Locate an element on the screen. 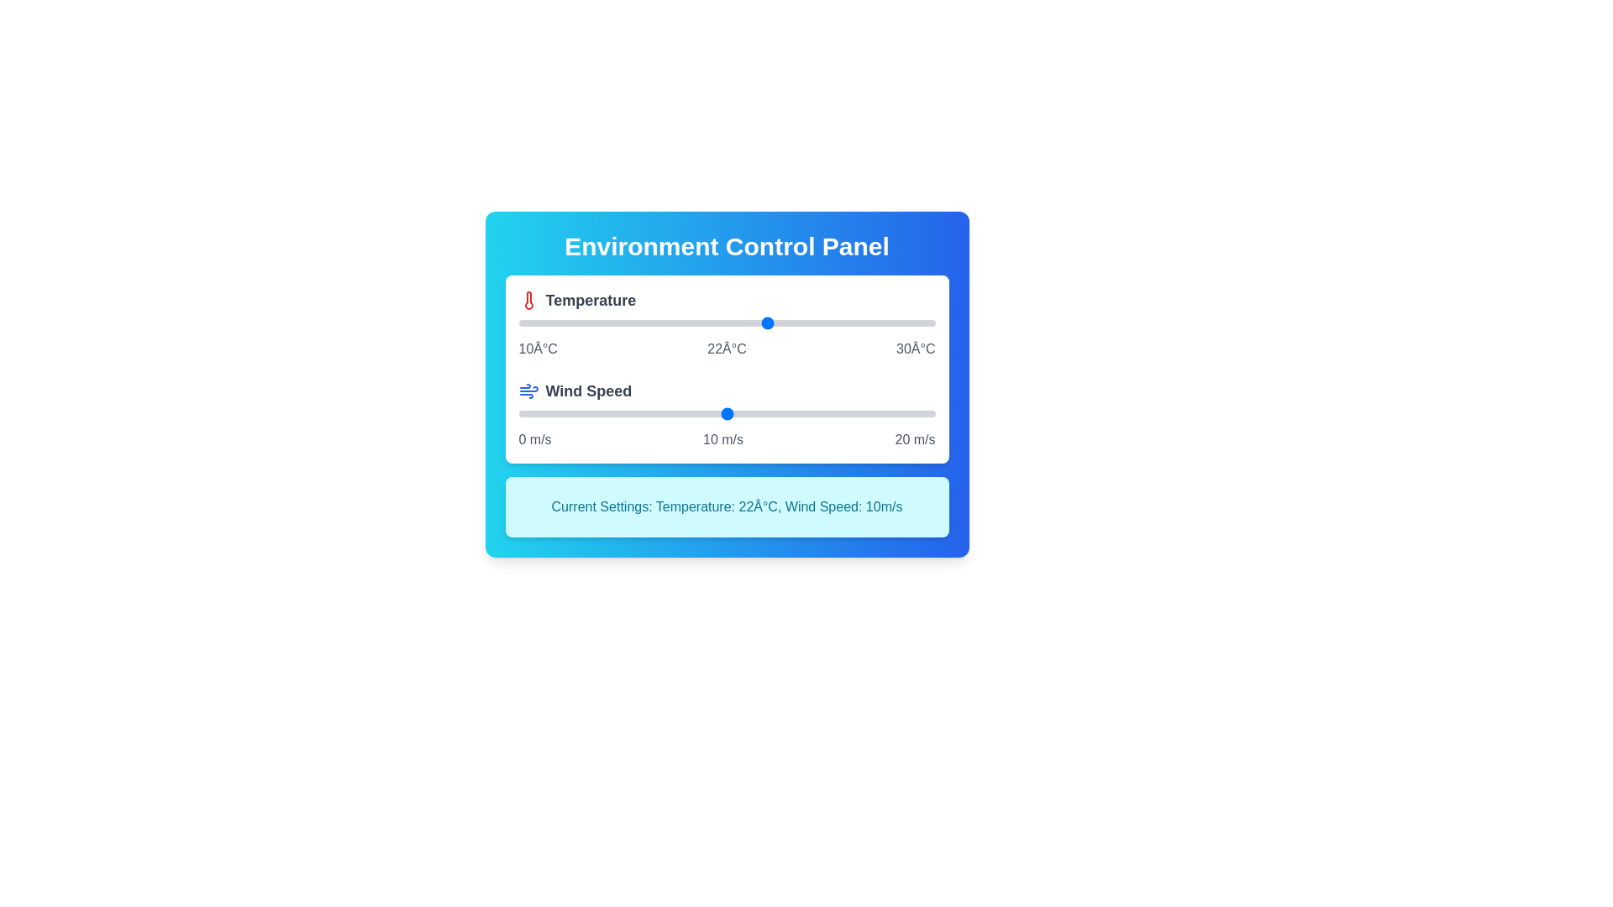 The height and width of the screenshot is (907, 1613). the temperature slider to 25°C is located at coordinates (831, 323).